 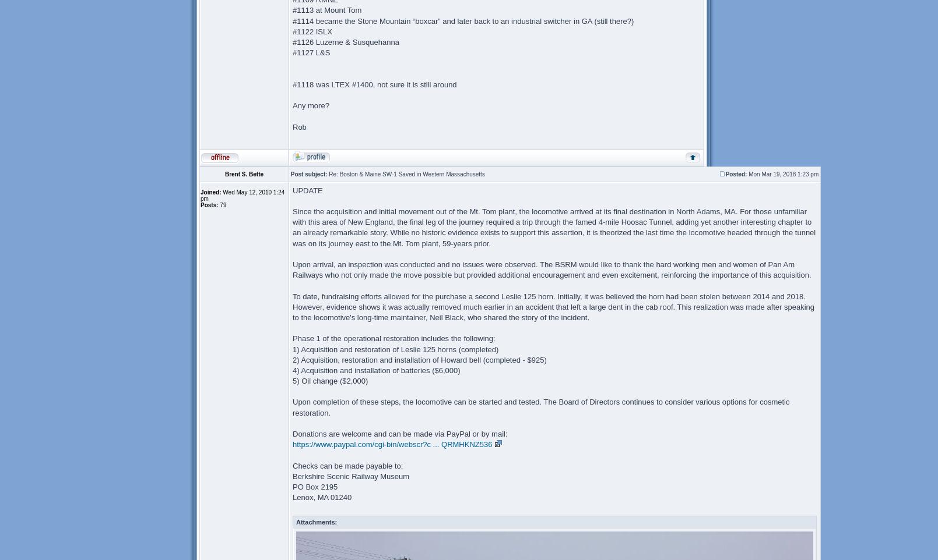 I want to click on 'Re: Boston & Maine SW-1 Saved in Western Massachusetts', so click(x=406, y=173).